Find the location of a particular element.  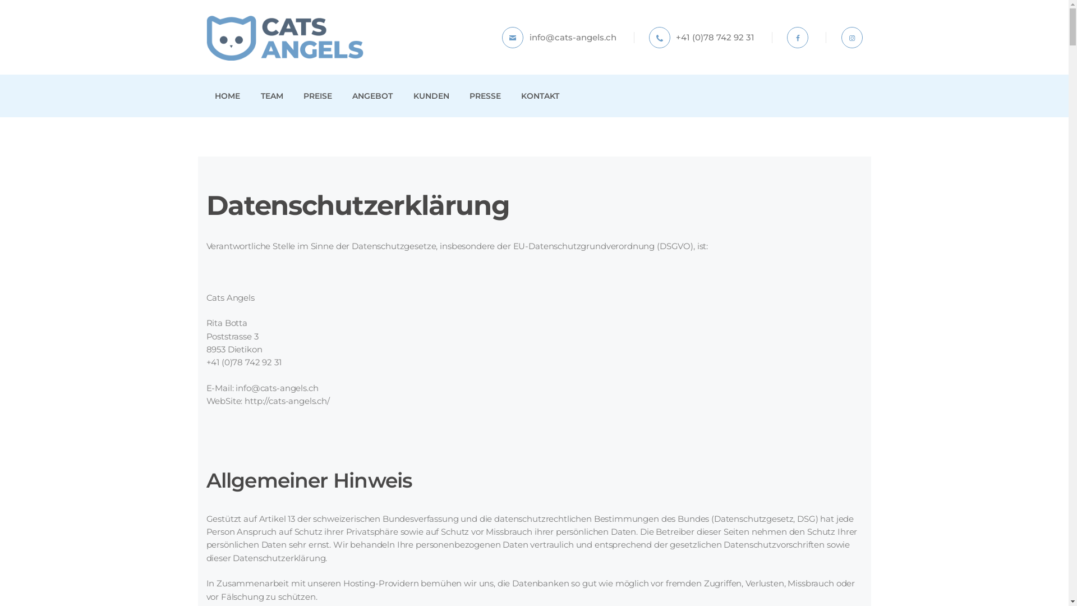

'info@cats-angels.ch' is located at coordinates (559, 36).